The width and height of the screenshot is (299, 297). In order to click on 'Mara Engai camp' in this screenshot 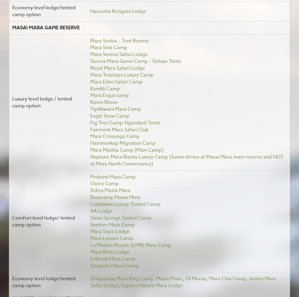, I will do `click(90, 95)`.